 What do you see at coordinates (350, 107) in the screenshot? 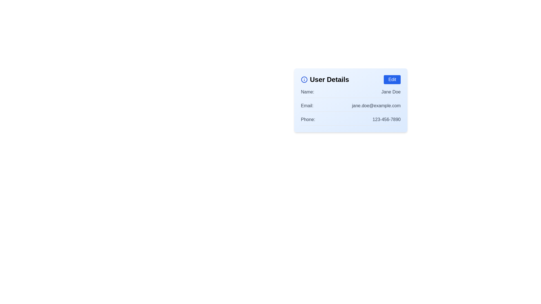
I see `the Text display component that contains user information such as 'Name', 'Email', and 'Phone', organized in a vertical arrangement within a light blue background card` at bounding box center [350, 107].